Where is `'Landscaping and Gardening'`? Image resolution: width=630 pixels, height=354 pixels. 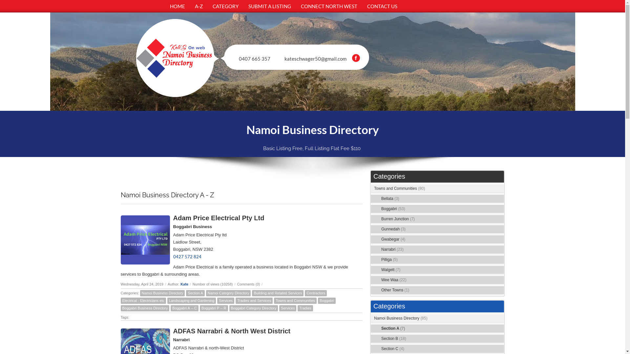 'Landscaping and Gardening' is located at coordinates (191, 301).